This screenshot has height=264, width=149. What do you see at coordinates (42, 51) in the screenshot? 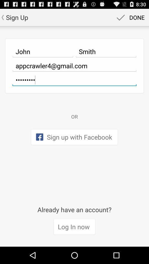
I see `the john icon` at bounding box center [42, 51].